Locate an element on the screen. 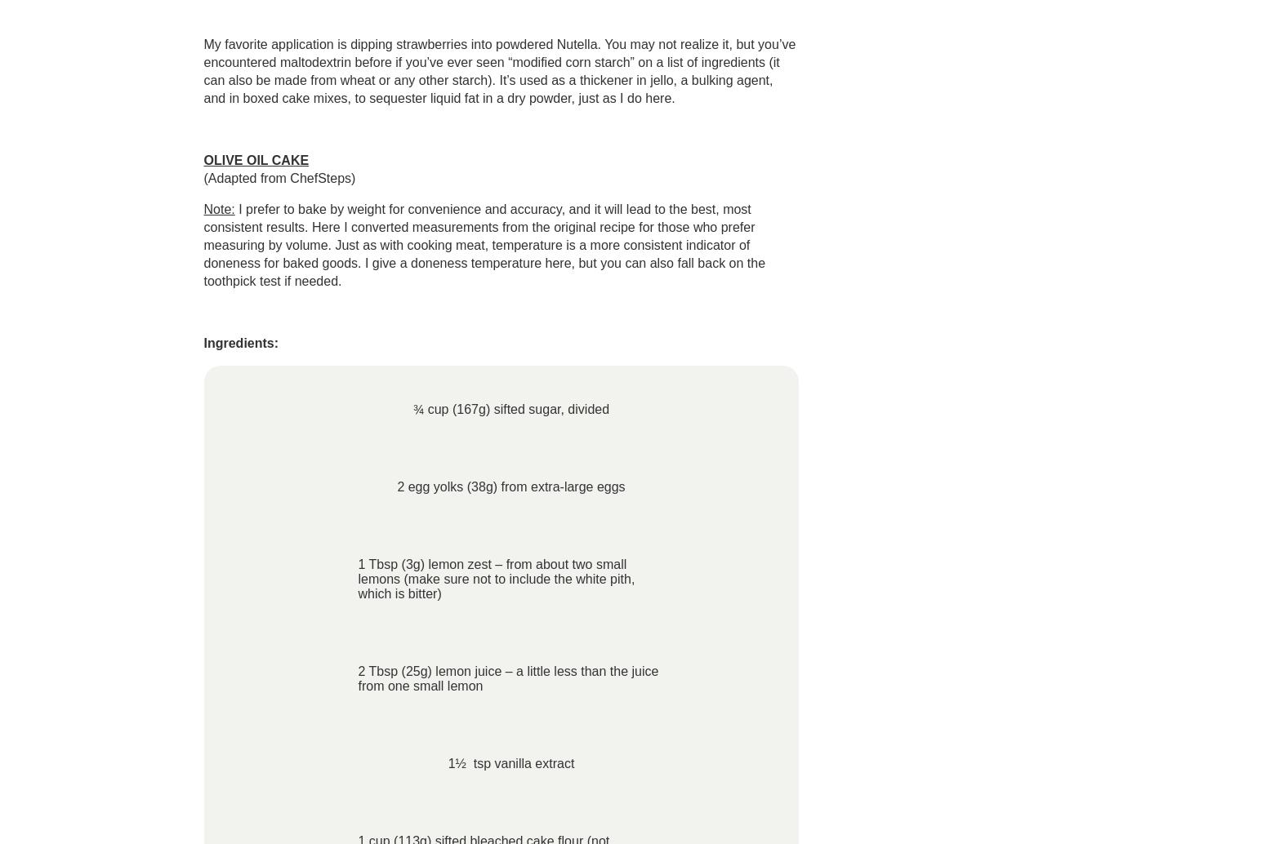 This screenshot has width=1266, height=844. '2 Tbsp (25g) lemon juice – a little less than the juice from one small lemon' is located at coordinates (507, 677).